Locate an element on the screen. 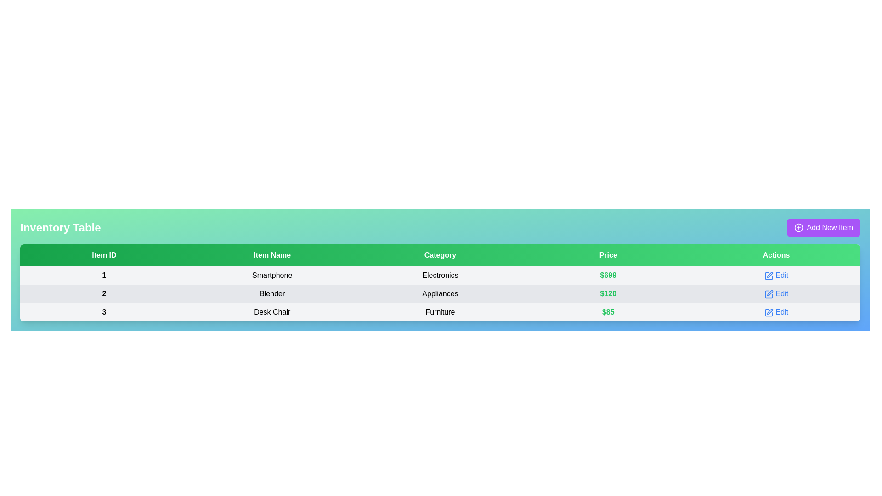 The width and height of the screenshot is (882, 496). the 'Actions' text label, which is the fifth column header in the table indicating the actions for the respective rows below is located at coordinates (776, 255).